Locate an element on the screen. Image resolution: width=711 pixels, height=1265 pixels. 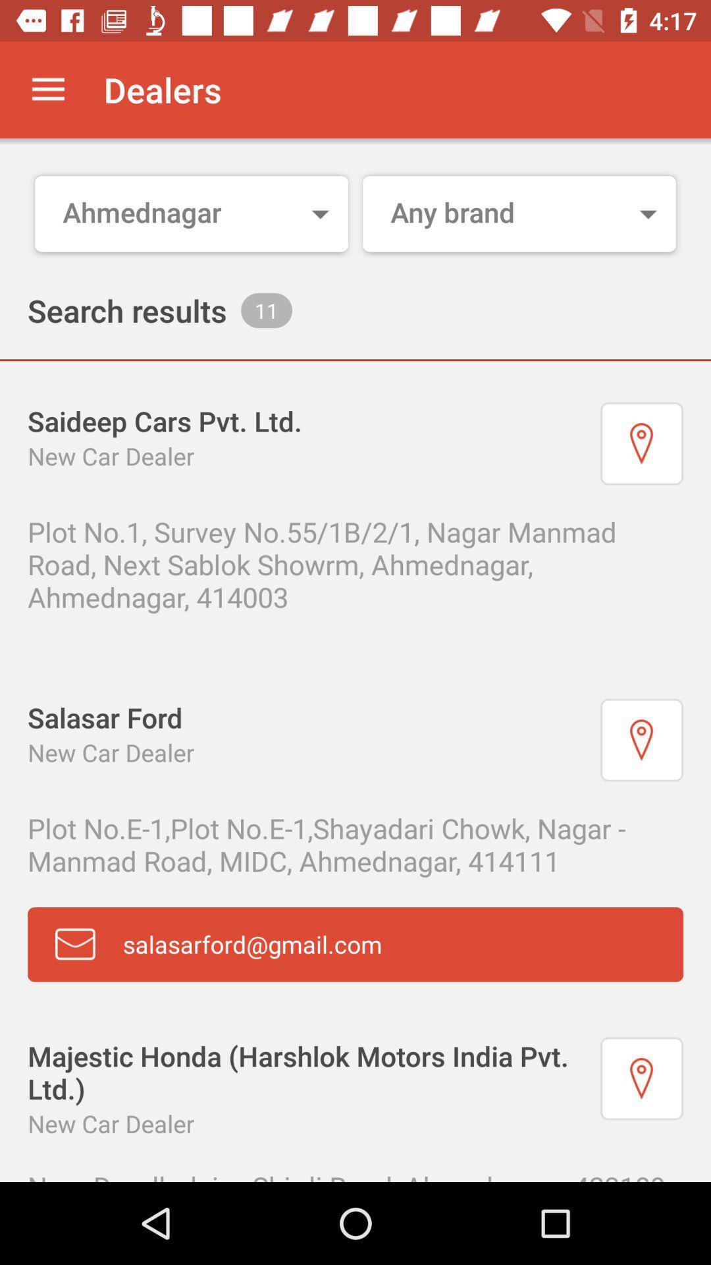
location is located at coordinates (641, 443).